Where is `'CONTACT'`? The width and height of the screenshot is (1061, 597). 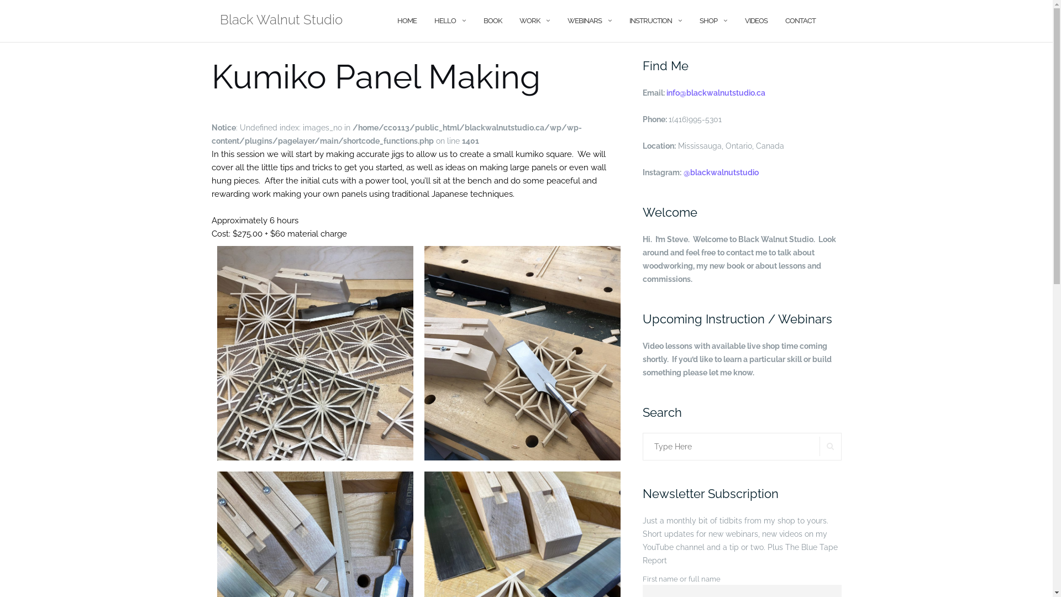
'CONTACT' is located at coordinates (800, 20).